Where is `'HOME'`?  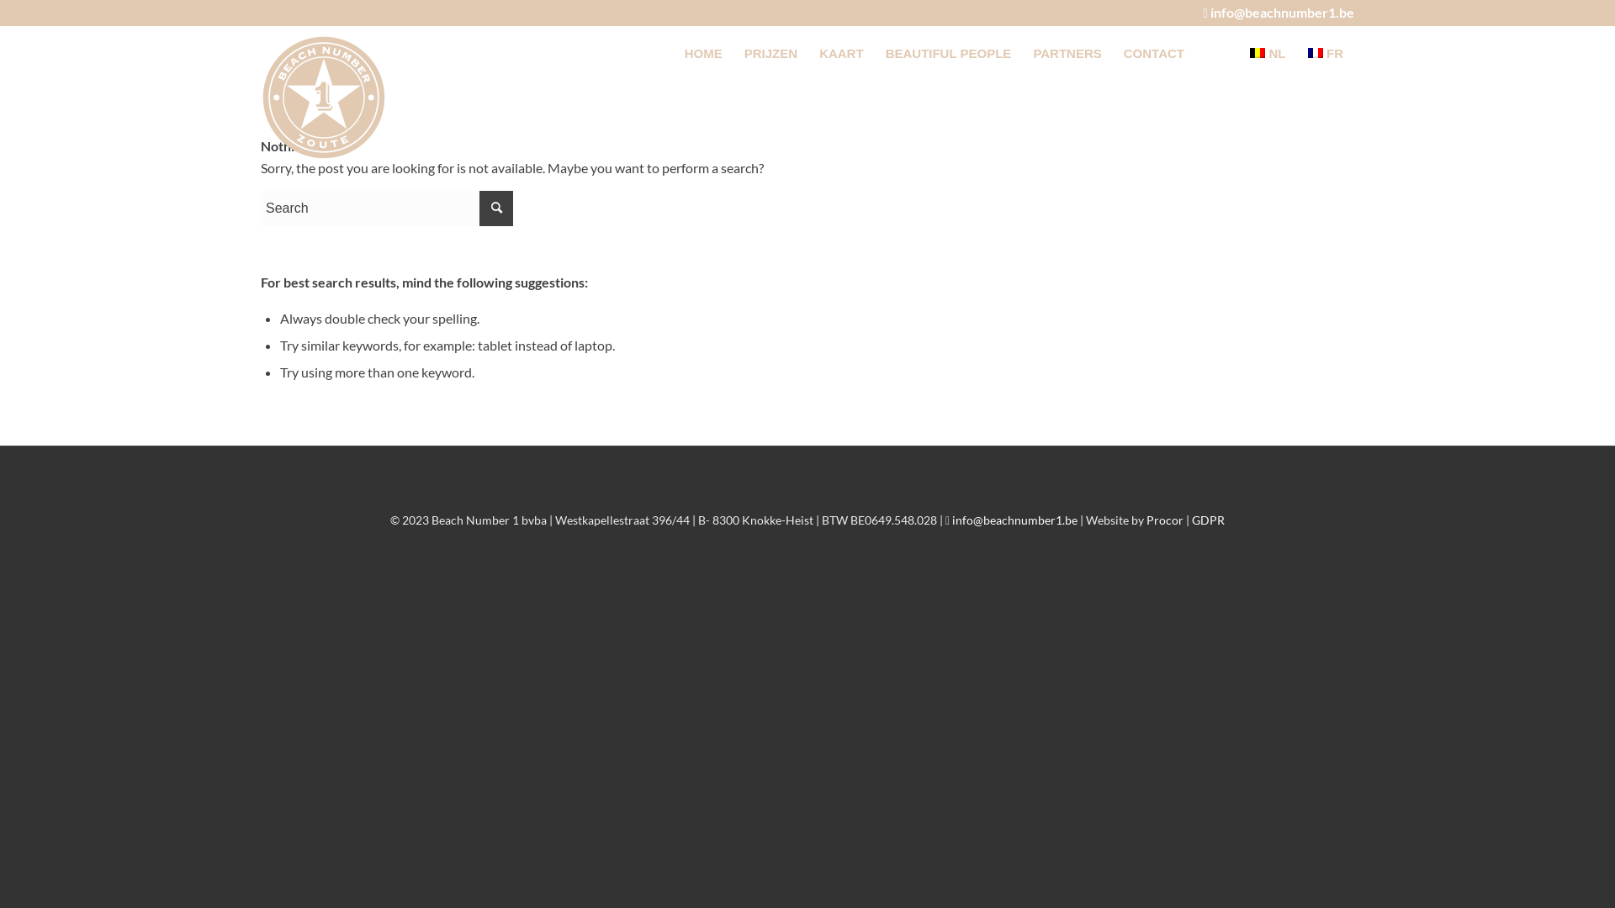 'HOME' is located at coordinates (703, 52).